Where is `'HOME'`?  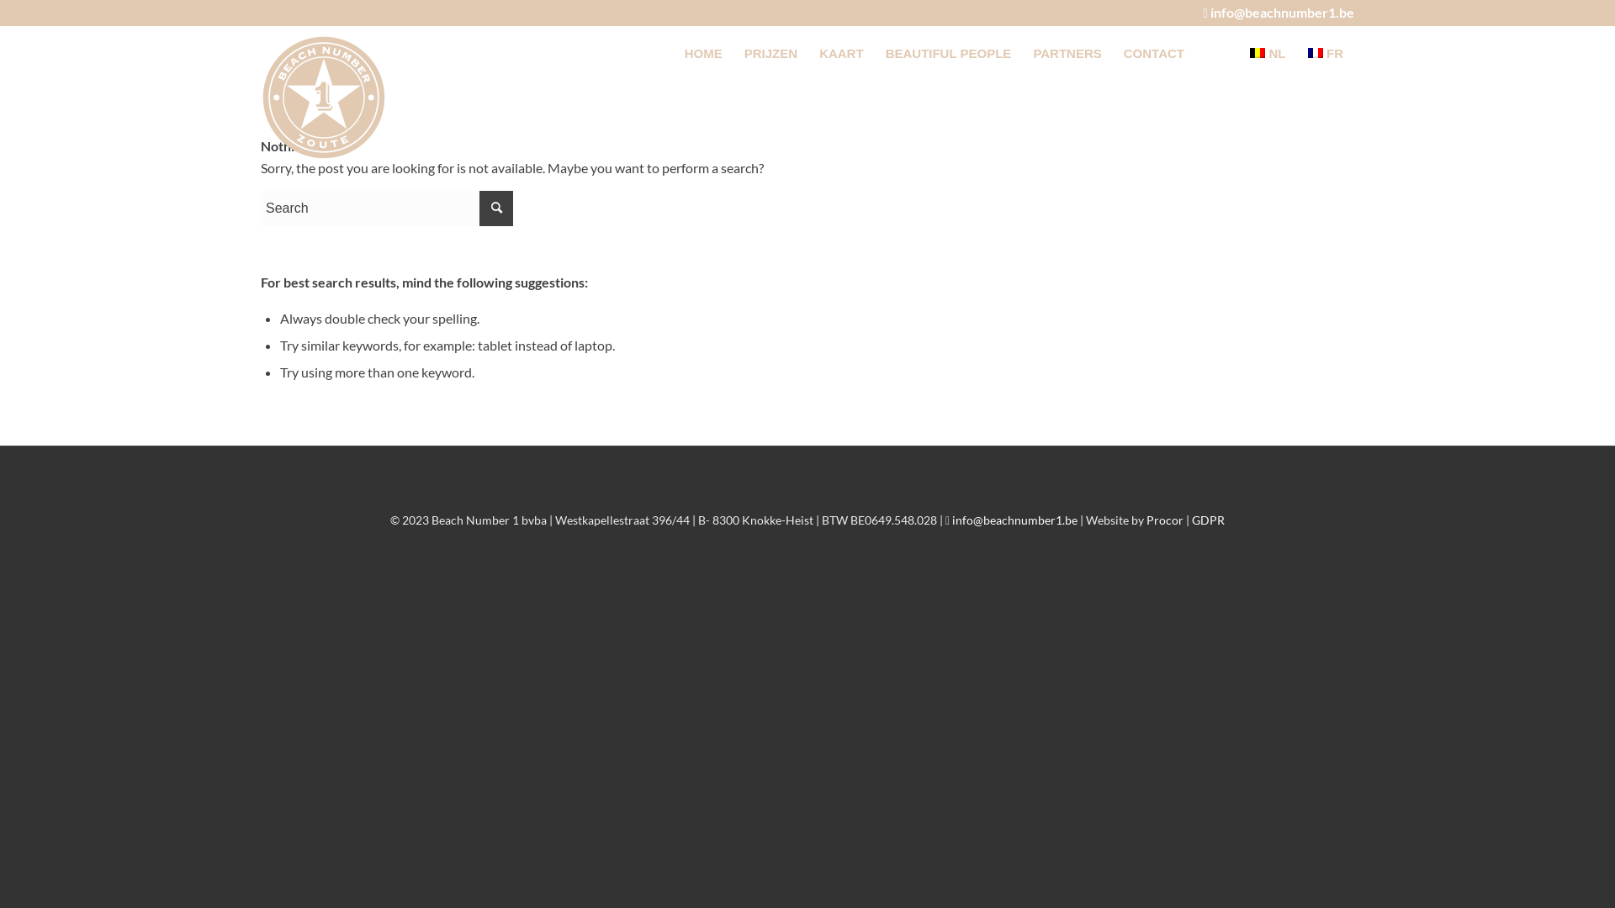 'HOME' is located at coordinates (703, 52).